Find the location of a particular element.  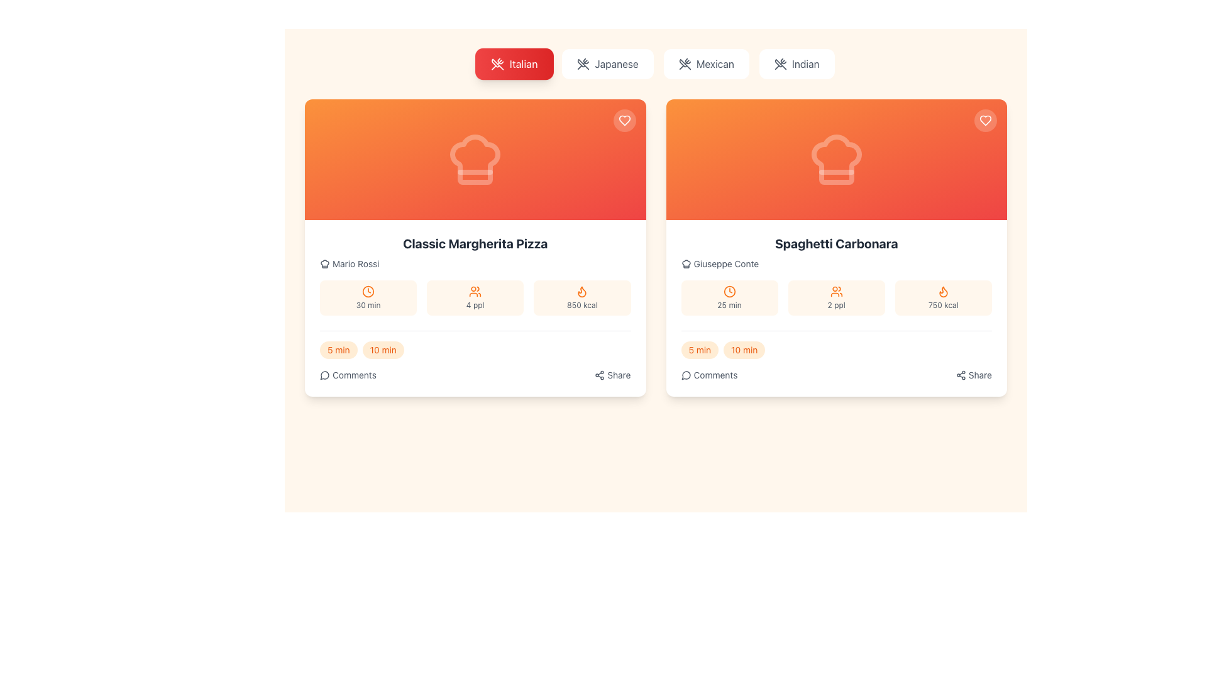

the first button in the row is located at coordinates (514, 63).